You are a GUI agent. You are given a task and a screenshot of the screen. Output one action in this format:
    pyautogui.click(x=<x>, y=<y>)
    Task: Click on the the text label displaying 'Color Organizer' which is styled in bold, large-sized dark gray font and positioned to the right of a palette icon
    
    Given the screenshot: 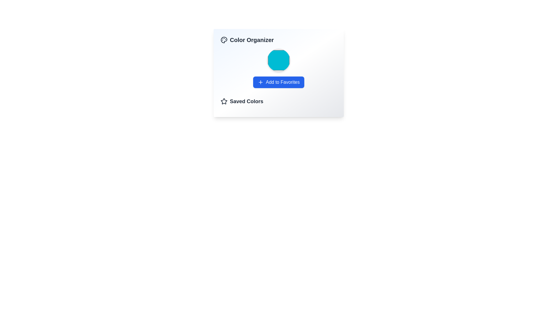 What is the action you would take?
    pyautogui.click(x=247, y=40)
    